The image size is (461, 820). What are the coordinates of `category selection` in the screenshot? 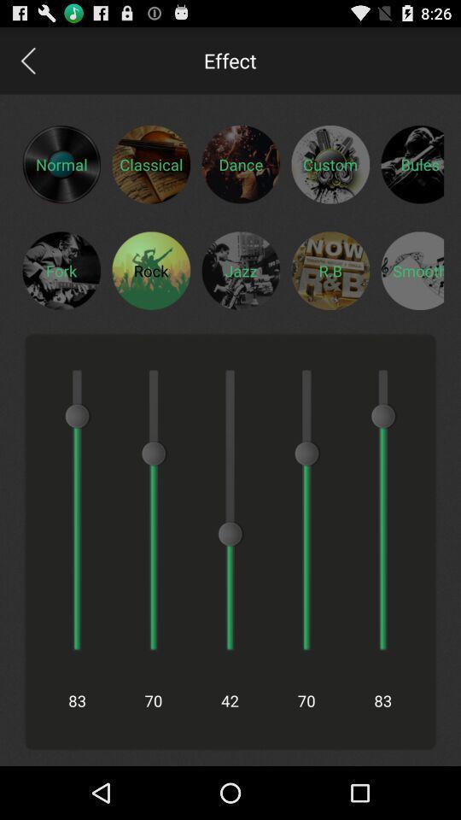 It's located at (411, 164).